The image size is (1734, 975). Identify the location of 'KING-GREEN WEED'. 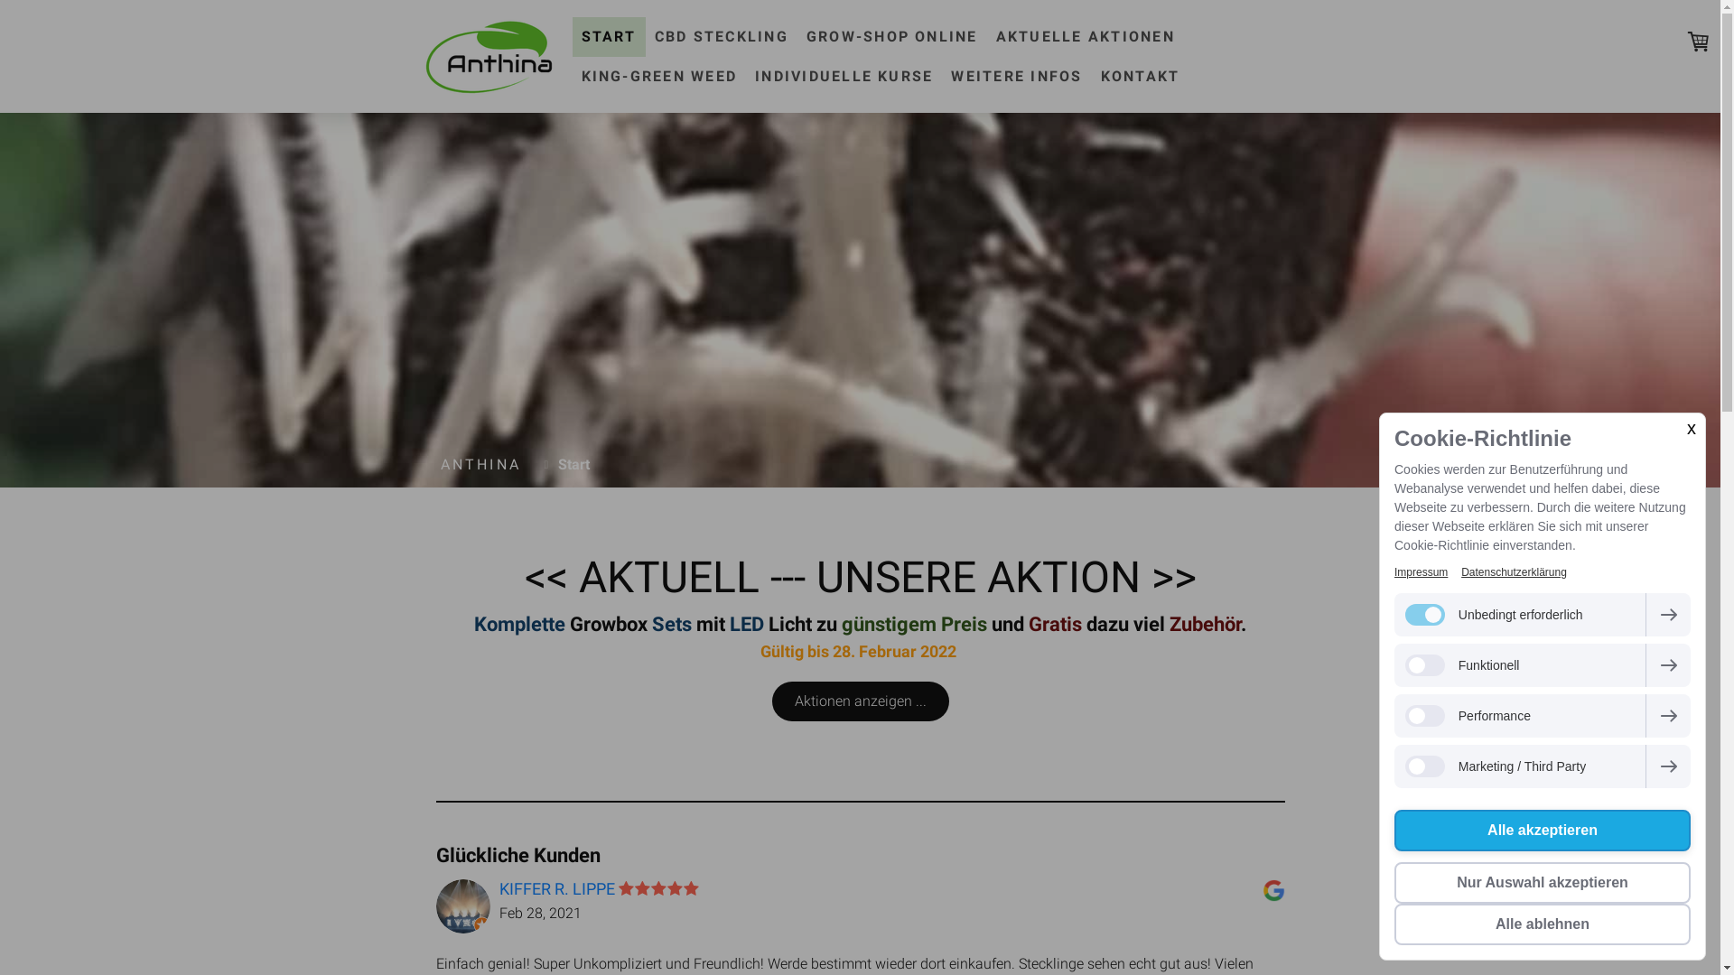
(658, 75).